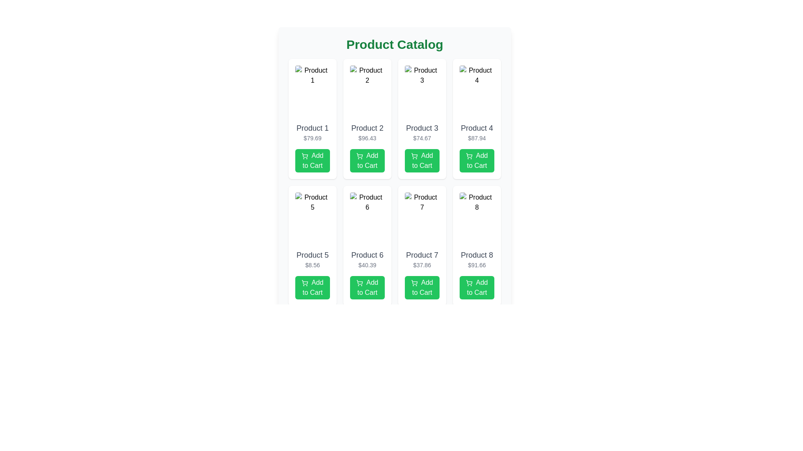 Image resolution: width=803 pixels, height=451 pixels. I want to click on the text label that describes the product in the fifth product card, centrally located in the second row of a 4x2 grid layout, so click(312, 254).